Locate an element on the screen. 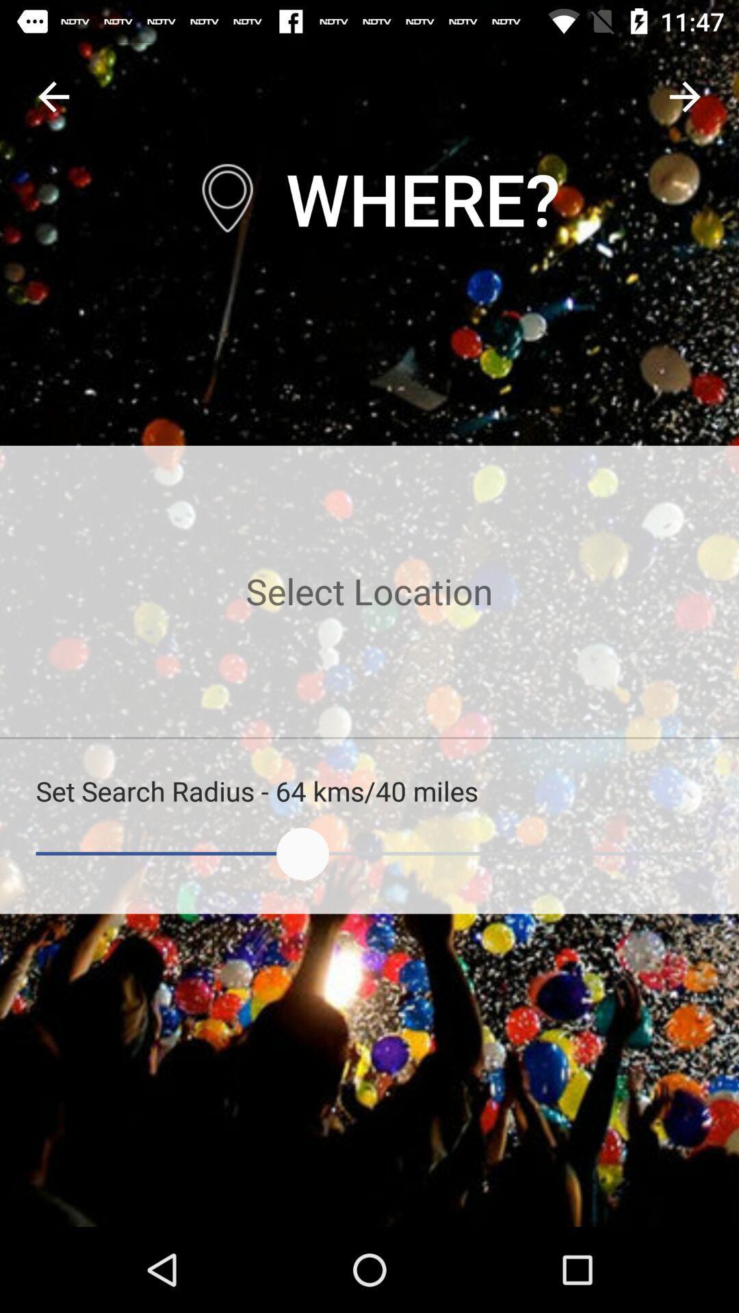 This screenshot has width=739, height=1313. go back is located at coordinates (53, 96).